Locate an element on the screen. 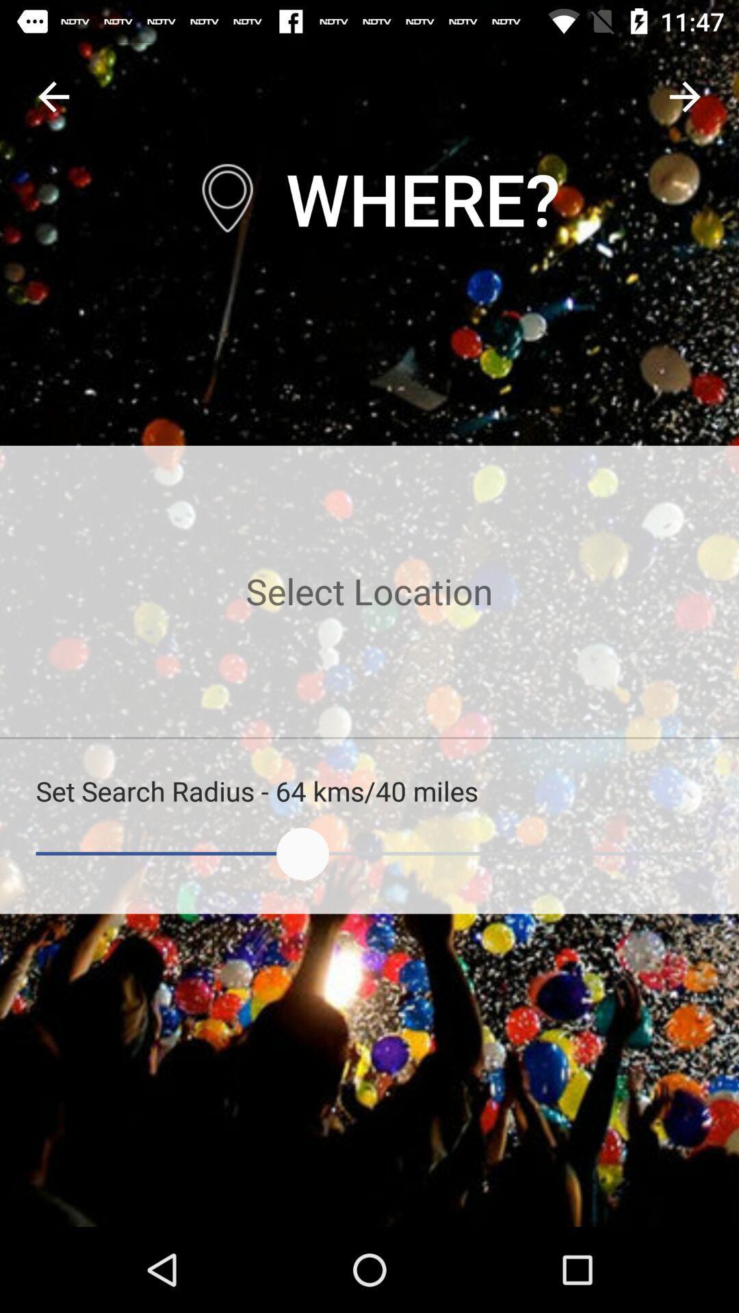 This screenshot has width=739, height=1313. go back is located at coordinates (53, 96).